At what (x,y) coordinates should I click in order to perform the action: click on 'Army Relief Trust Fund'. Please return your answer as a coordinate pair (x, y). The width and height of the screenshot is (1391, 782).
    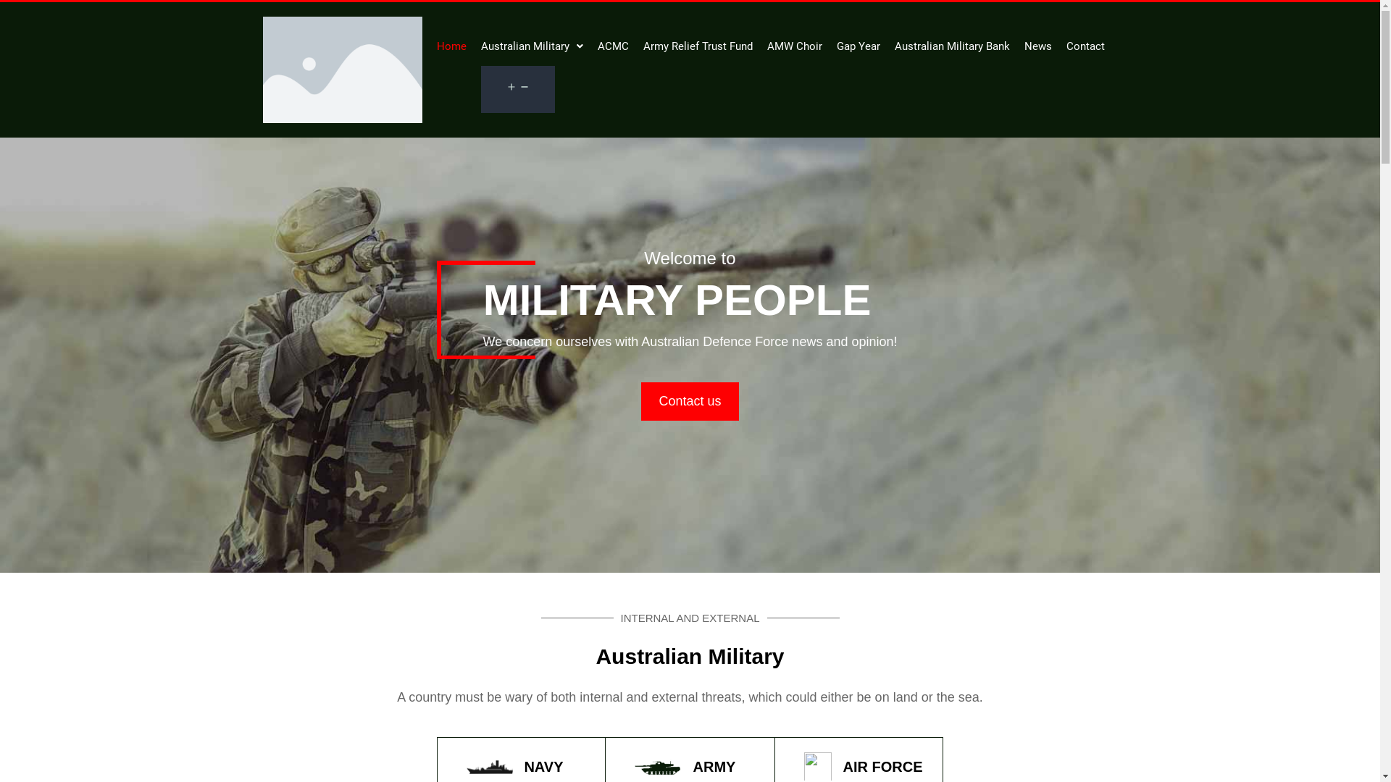
    Looking at the image, I should click on (698, 46).